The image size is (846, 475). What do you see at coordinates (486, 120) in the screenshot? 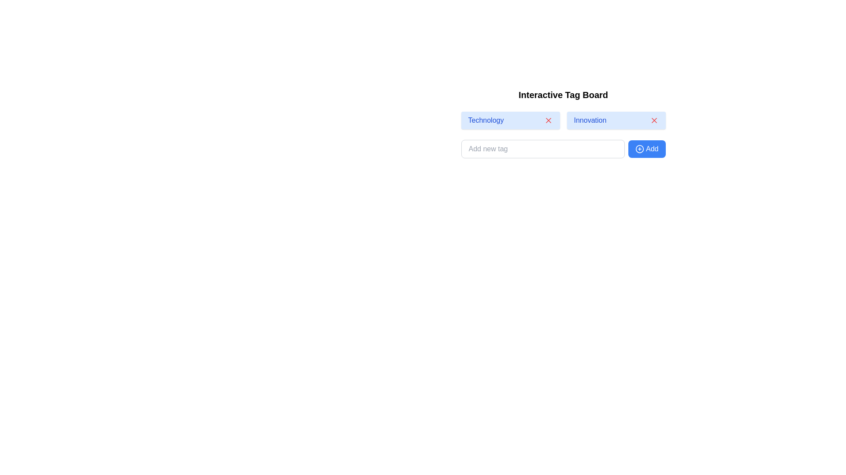
I see `the text label displaying 'Technology', which is the first tag in the tag list, located to the left of the 'Innovation' tag` at bounding box center [486, 120].